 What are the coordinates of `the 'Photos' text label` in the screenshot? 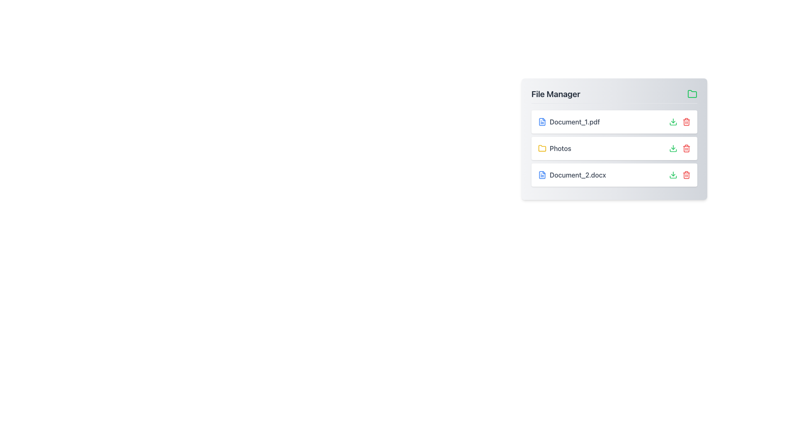 It's located at (561, 148).